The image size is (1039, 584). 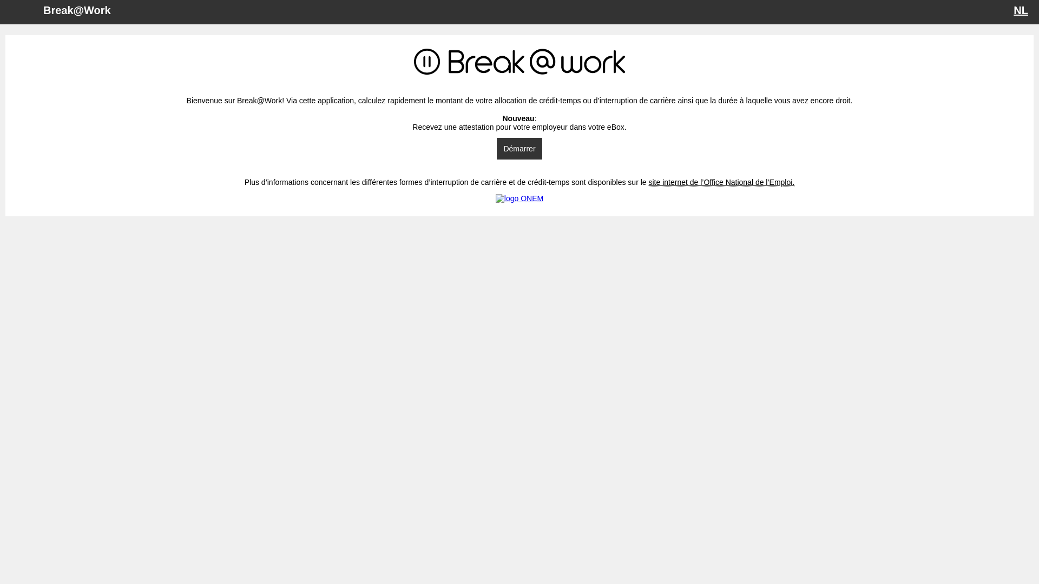 I want to click on 'NL', so click(x=1020, y=10).